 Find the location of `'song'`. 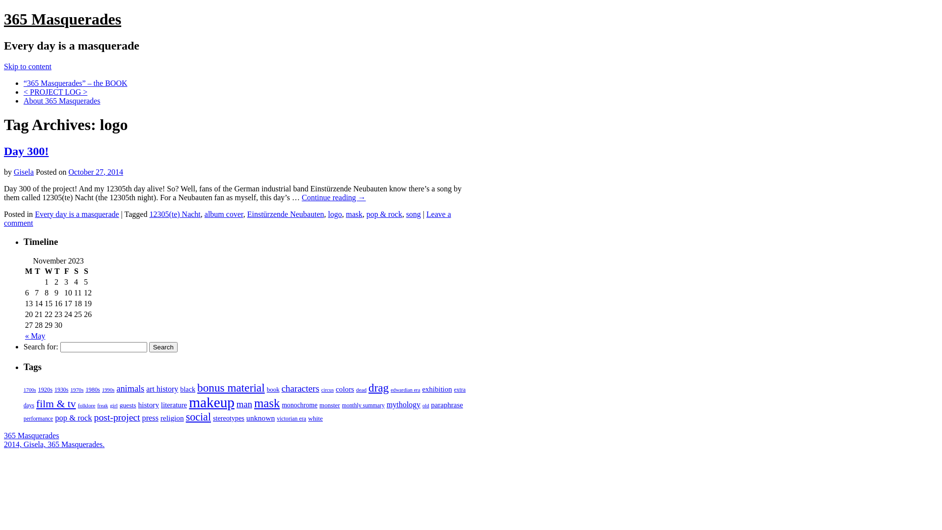

'song' is located at coordinates (414, 213).